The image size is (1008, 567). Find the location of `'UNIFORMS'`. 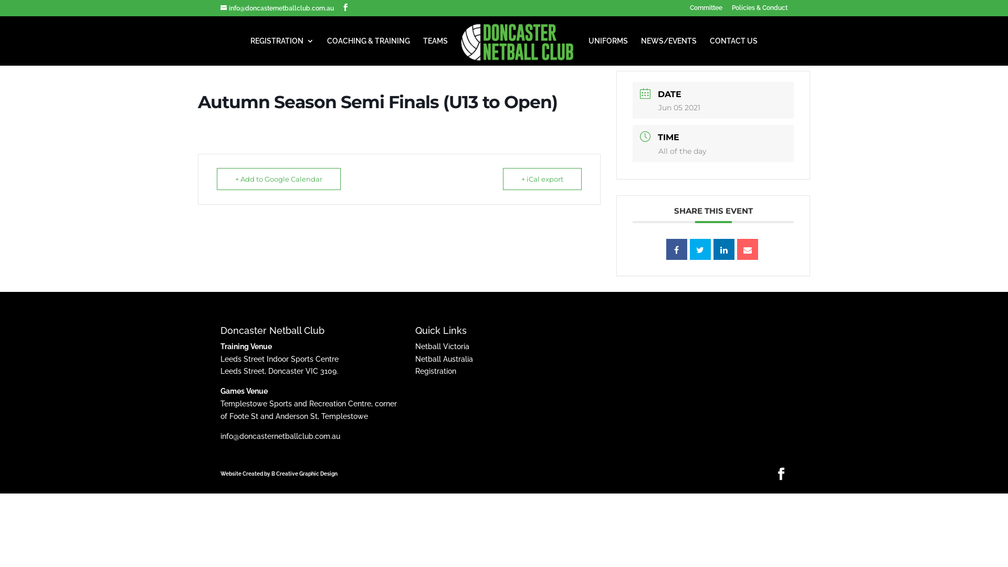

'UNIFORMS' is located at coordinates (608, 51).